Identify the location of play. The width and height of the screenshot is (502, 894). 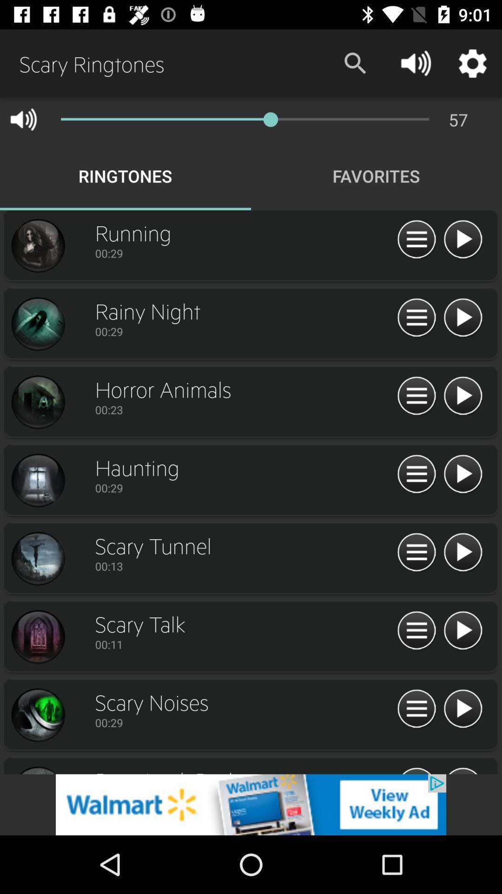
(462, 240).